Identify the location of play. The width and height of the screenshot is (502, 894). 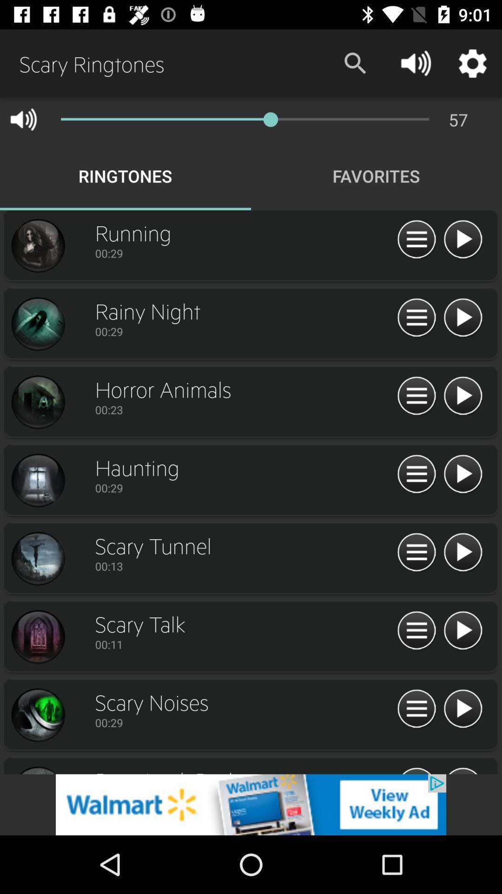
(462, 240).